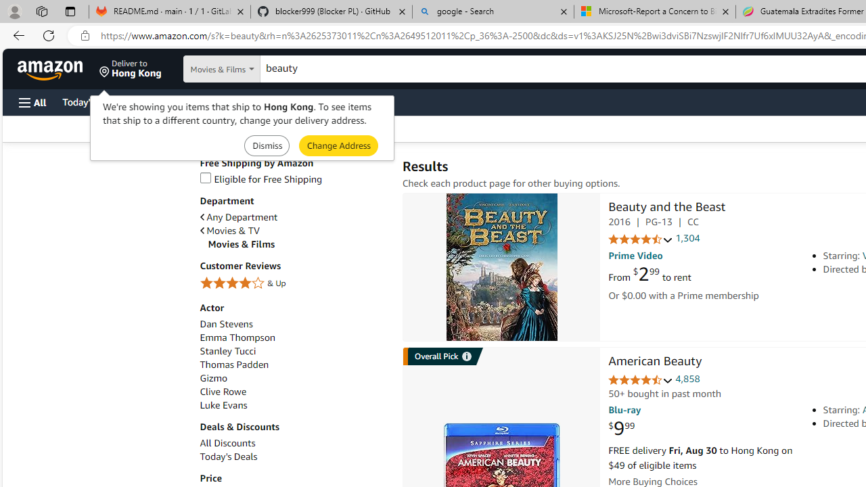 This screenshot has width=866, height=487. Describe the element at coordinates (228, 457) in the screenshot. I see `'Today'` at that location.